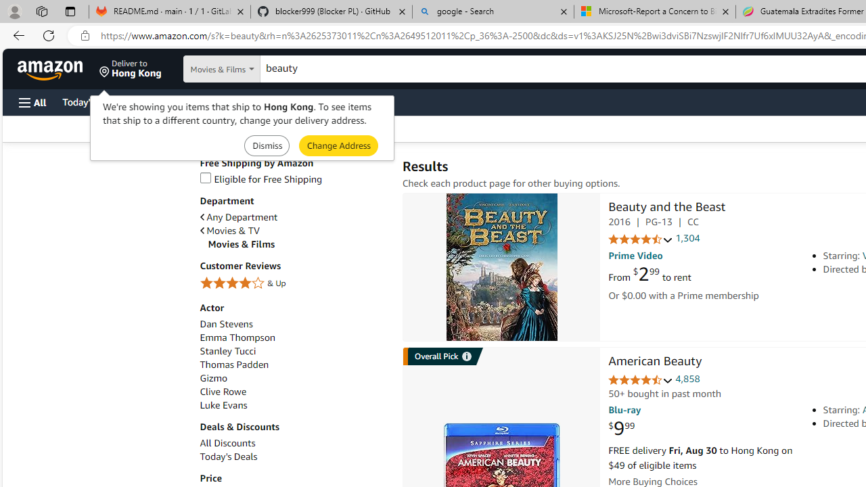 This screenshot has width=866, height=487. Describe the element at coordinates (228, 457) in the screenshot. I see `'Today'` at that location.